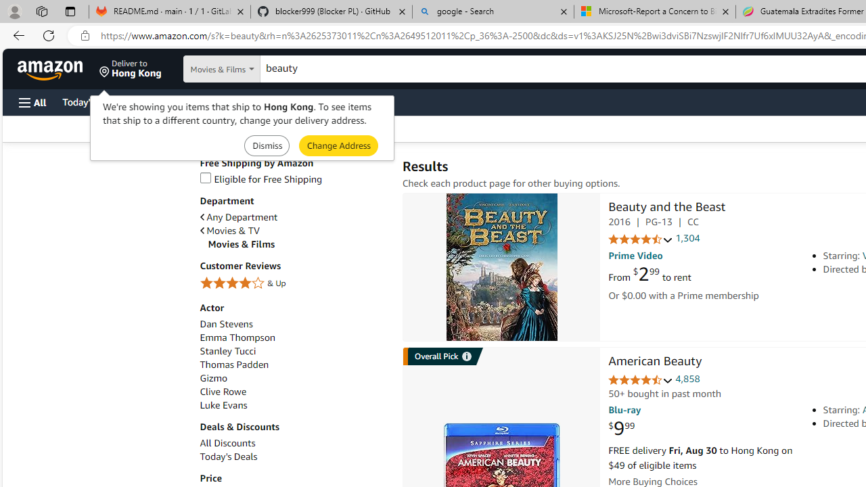 This screenshot has width=866, height=487. Describe the element at coordinates (228, 457) in the screenshot. I see `'Today'` at that location.